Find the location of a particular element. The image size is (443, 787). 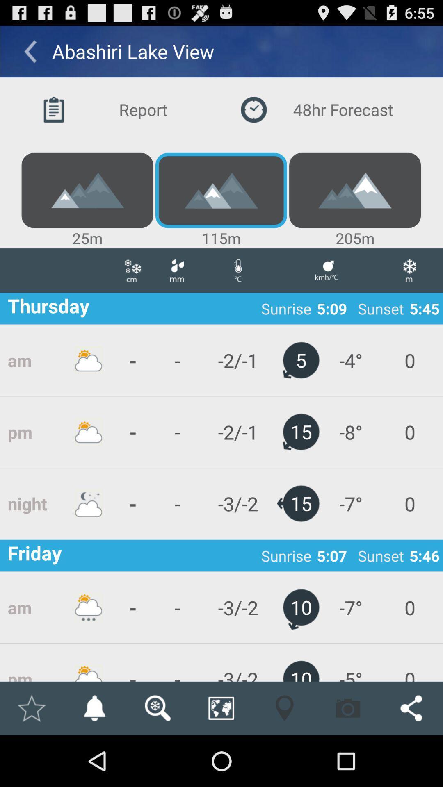

zoom in to the weather is located at coordinates (158, 708).